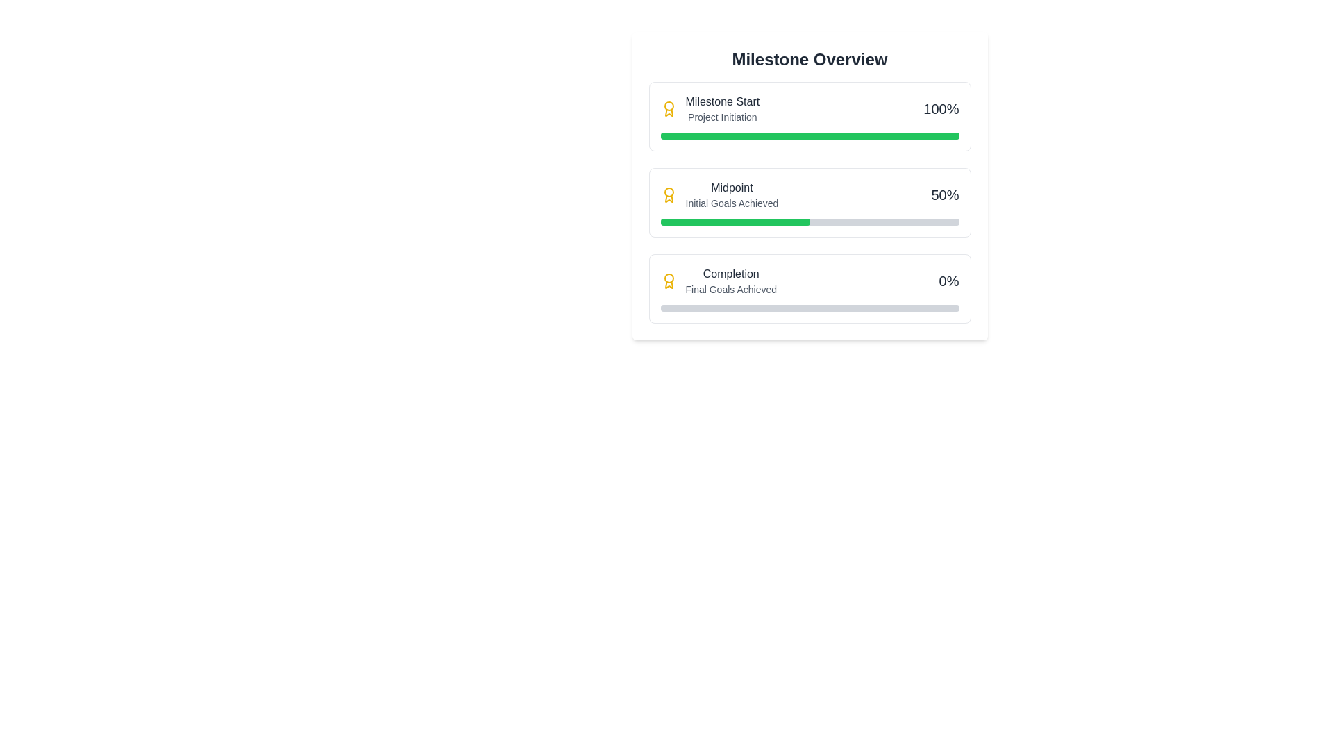 Image resolution: width=1333 pixels, height=750 pixels. Describe the element at coordinates (810, 203) in the screenshot. I see `the Milestone Progress Display Component representing the 'Midpoint' stage` at that location.